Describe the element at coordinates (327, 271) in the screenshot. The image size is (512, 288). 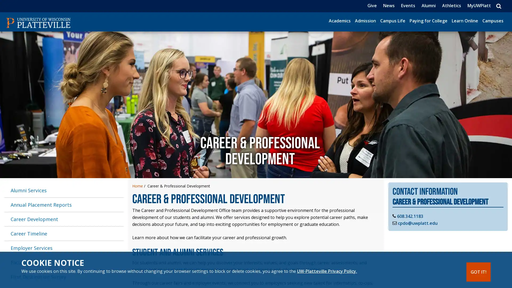
I see `Privacy Policy` at that location.